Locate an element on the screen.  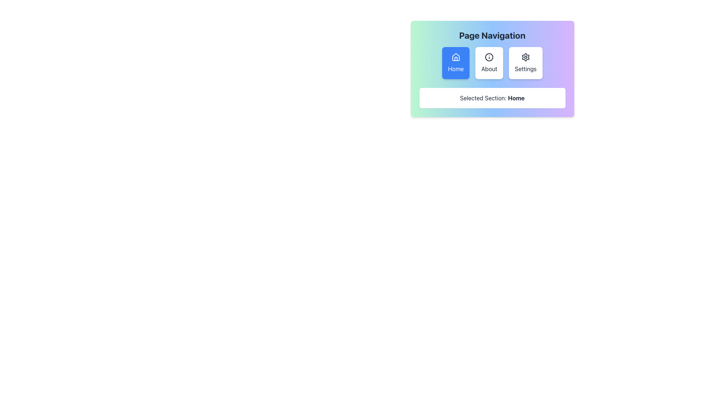
the text label indicating the currently selected navigation section, specifically the text 'Home' within the phrase 'Selected Section: Home', to highlight it is located at coordinates (516, 98).